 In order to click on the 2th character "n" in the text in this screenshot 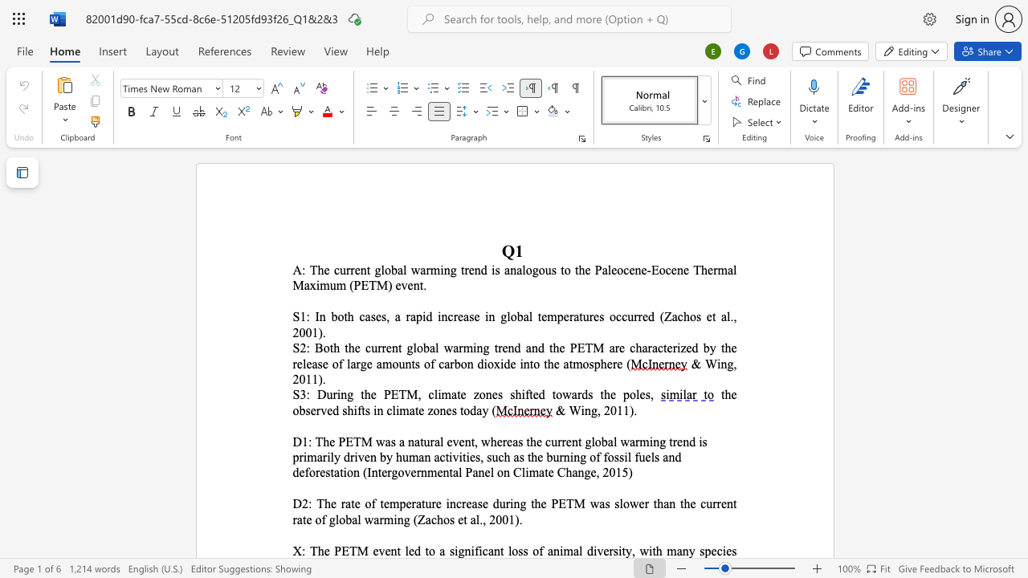, I will do `click(479, 347)`.